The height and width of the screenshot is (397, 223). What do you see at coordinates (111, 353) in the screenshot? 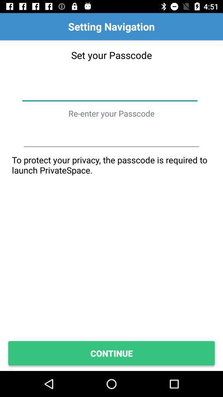
I see `the app below the to protect your item` at bounding box center [111, 353].